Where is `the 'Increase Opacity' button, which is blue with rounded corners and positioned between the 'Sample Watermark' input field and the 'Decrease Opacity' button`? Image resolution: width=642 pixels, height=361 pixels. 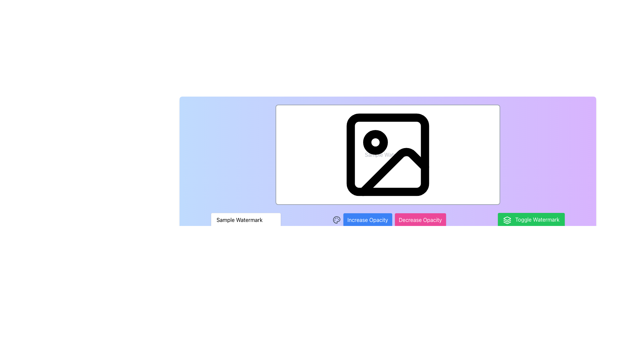
the 'Increase Opacity' button, which is blue with rounded corners and positioned between the 'Sample Watermark' input field and the 'Decrease Opacity' button is located at coordinates (388, 220).